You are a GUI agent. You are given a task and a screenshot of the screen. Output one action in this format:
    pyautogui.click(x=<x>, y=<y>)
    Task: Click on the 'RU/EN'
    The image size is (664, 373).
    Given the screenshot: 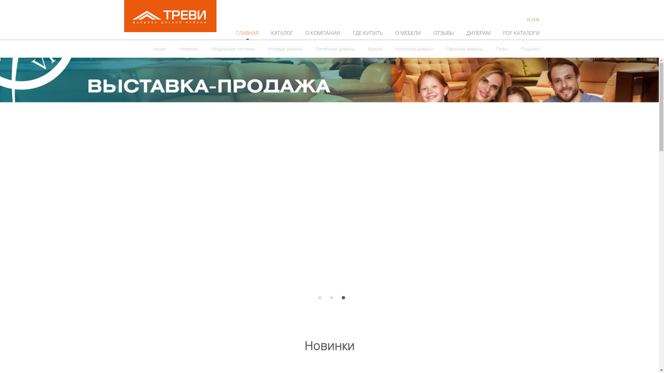 What is the action you would take?
    pyautogui.click(x=533, y=19)
    